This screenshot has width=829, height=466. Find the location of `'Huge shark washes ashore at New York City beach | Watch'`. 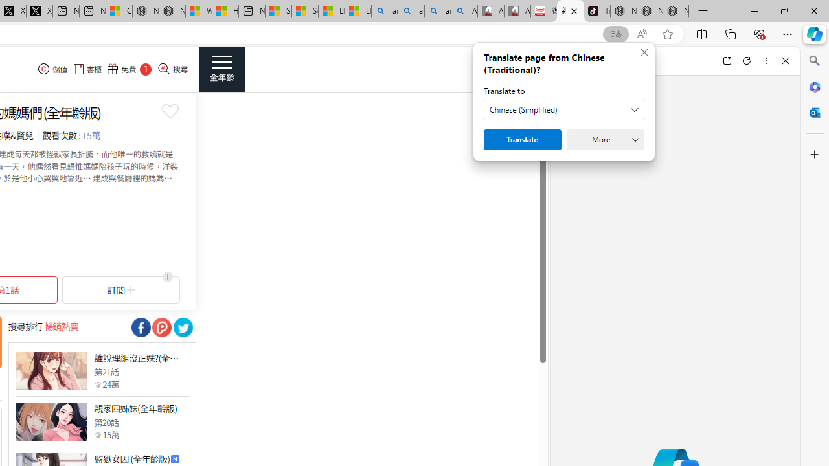

'Huge shark washes ashore at New York City beach | Watch' is located at coordinates (225, 11).